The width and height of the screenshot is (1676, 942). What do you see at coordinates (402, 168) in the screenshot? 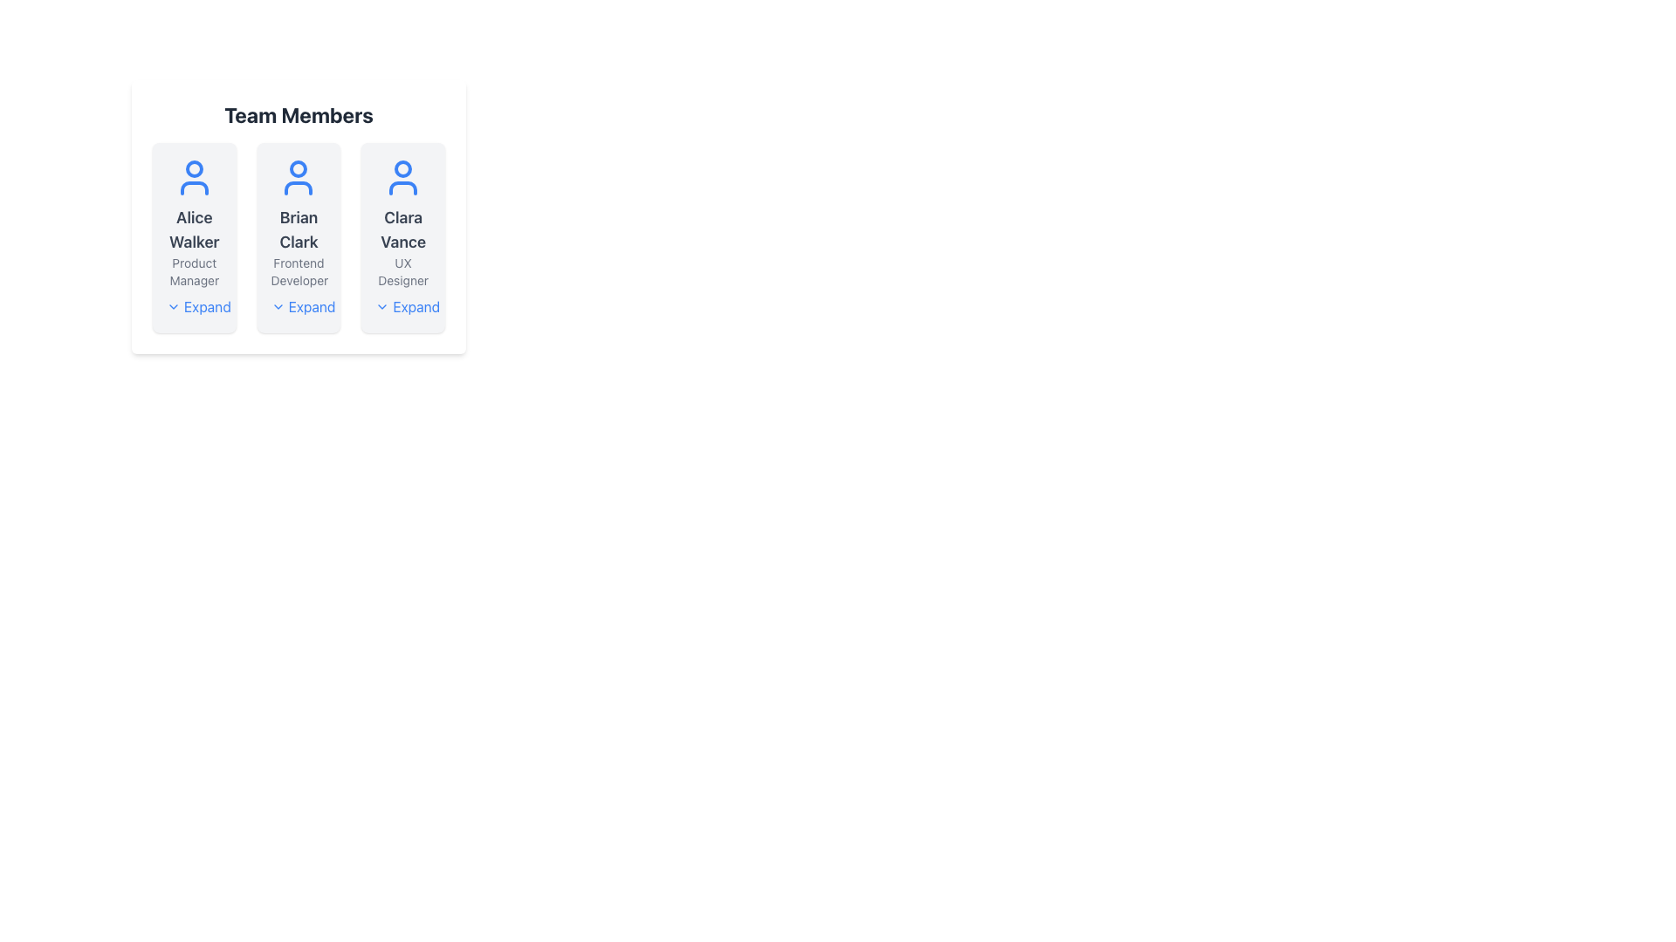
I see `the graphical decorative element above the head area of Clara Vance's avatar, which signifies user status` at bounding box center [402, 168].